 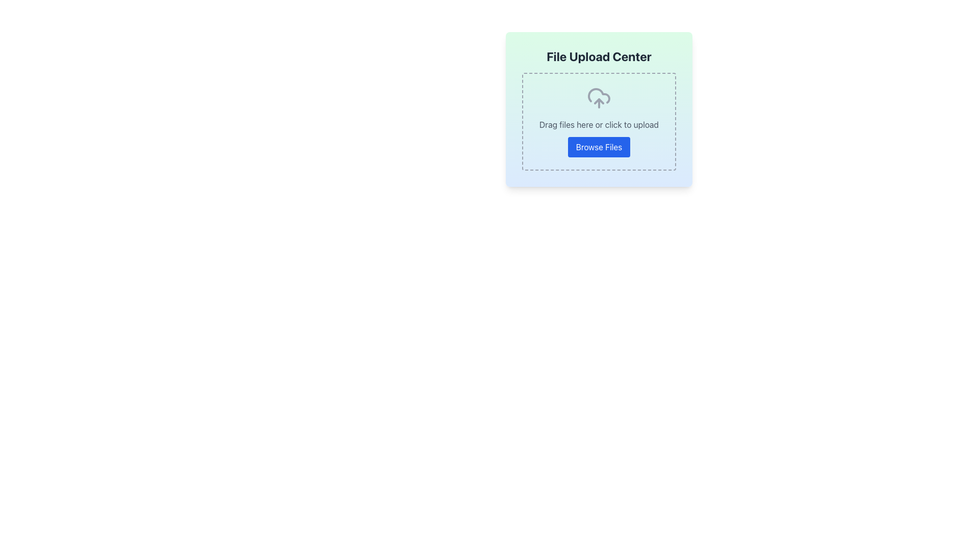 I want to click on the File uploader interface, which features a dashed border, a cloud icon with an upward arrow, the text 'Drag files here or click to upload', and a blue button labeled 'Browse Files', so click(x=599, y=121).